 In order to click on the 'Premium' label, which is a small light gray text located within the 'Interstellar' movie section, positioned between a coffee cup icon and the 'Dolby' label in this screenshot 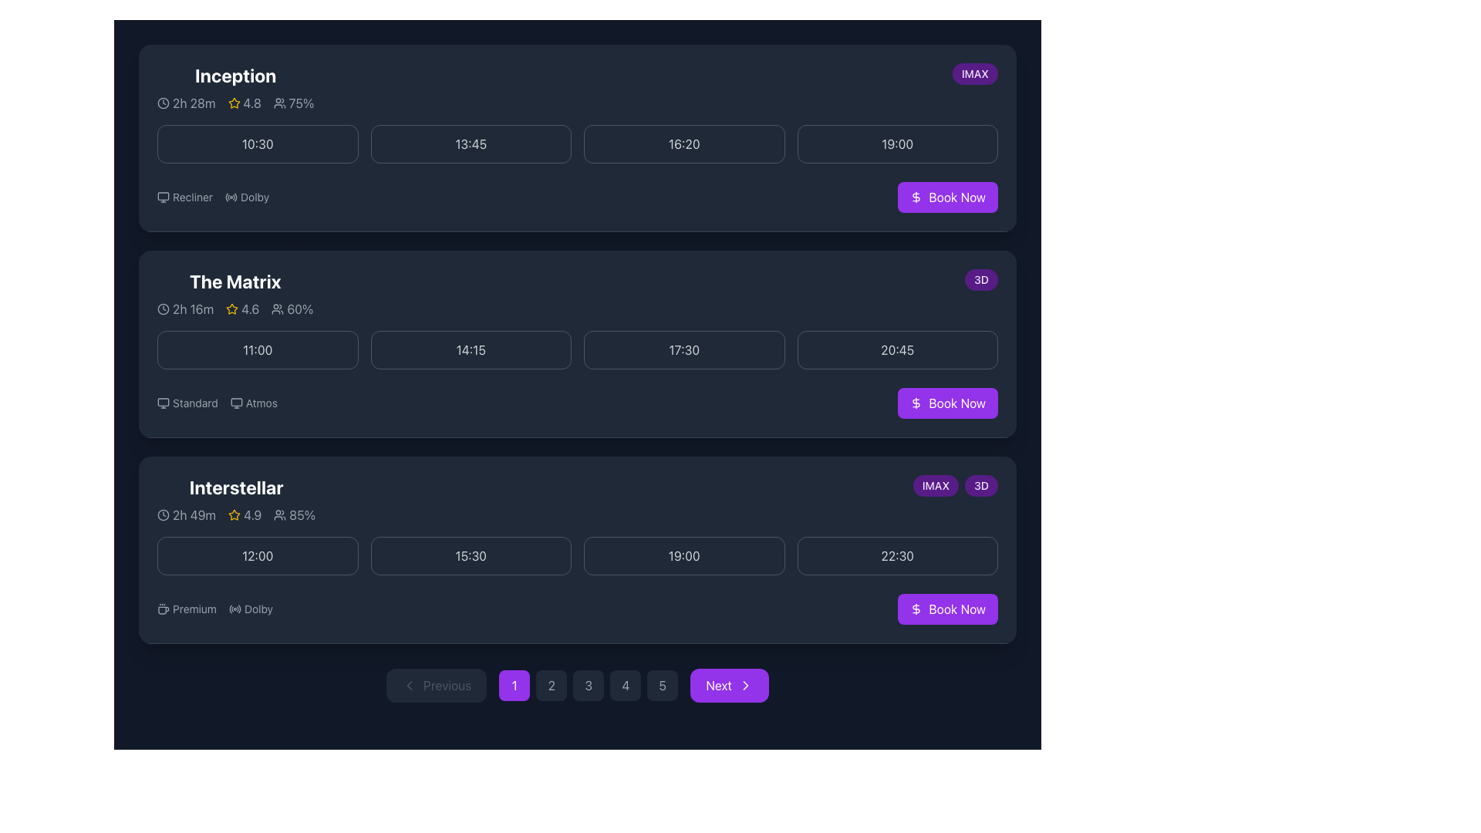, I will do `click(194, 609)`.